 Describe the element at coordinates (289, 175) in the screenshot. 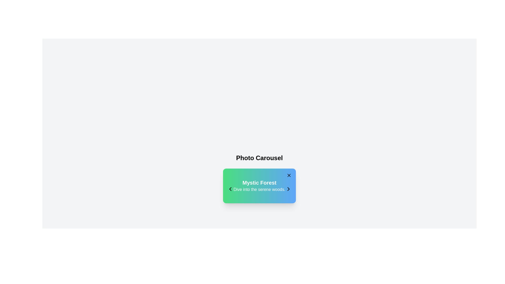

I see `the small square close button with a blue background and black 'X' icon located in the top-right corner of the card about 'Mystic Forest'` at that location.